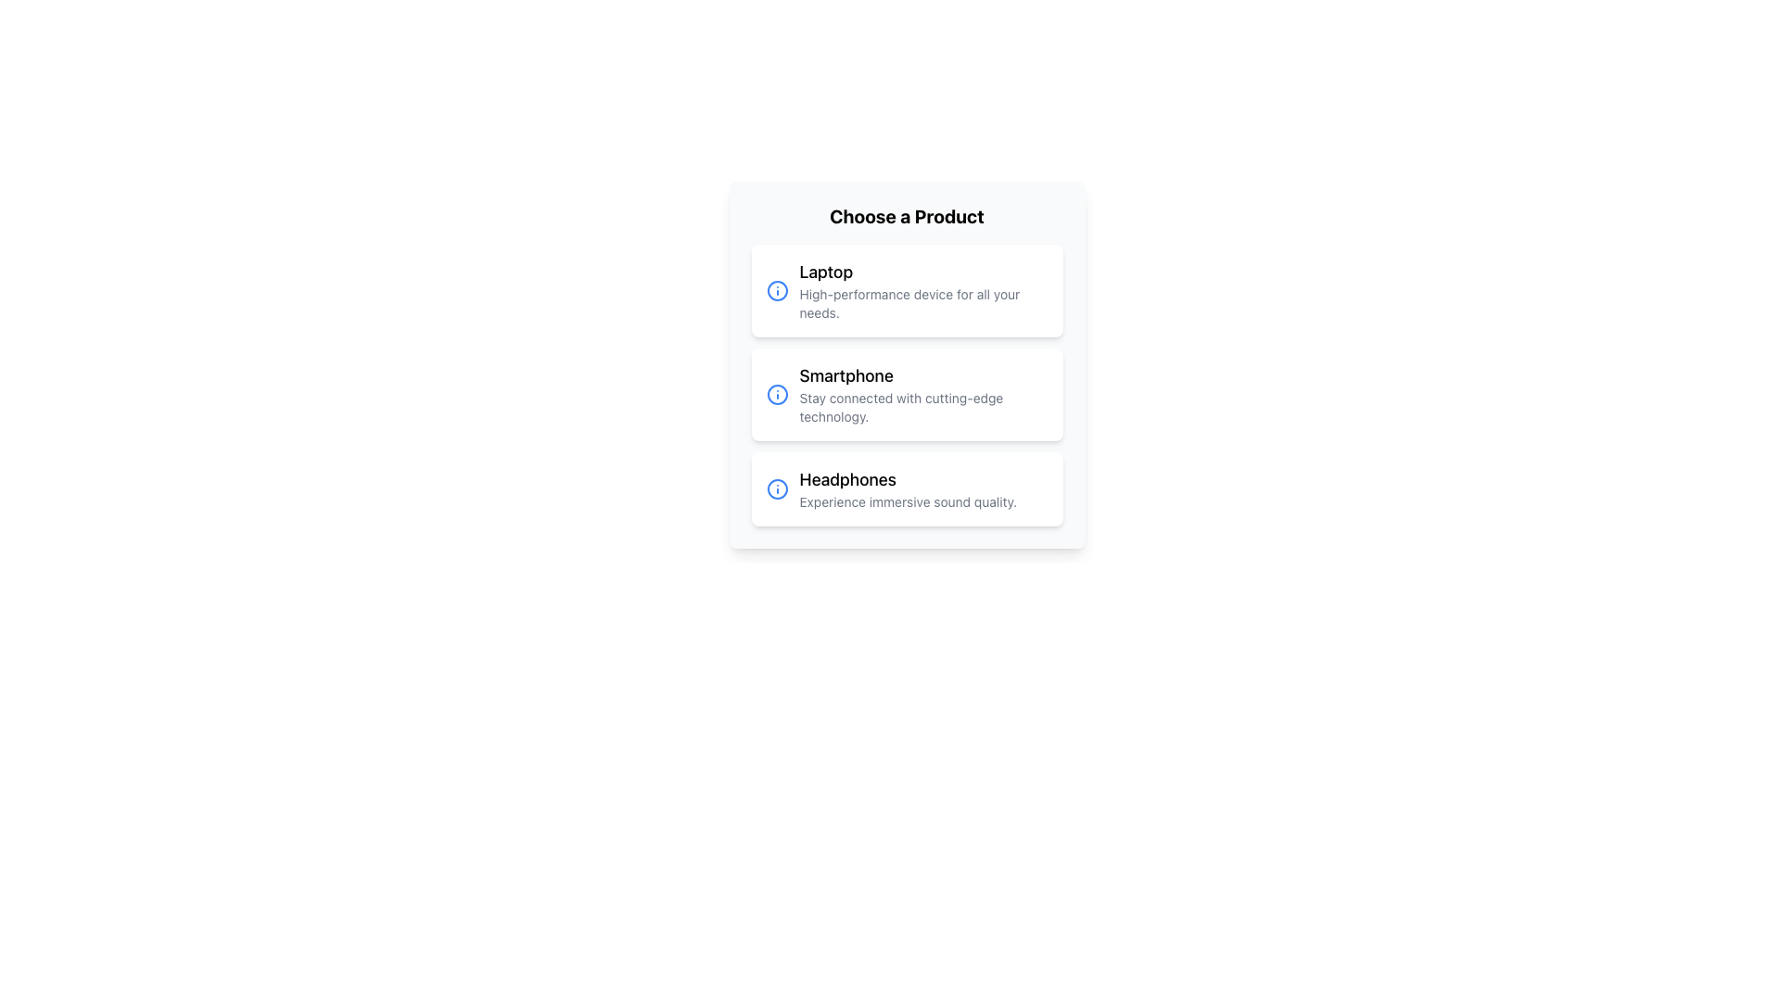 The height and width of the screenshot is (1001, 1780). What do you see at coordinates (907, 364) in the screenshot?
I see `the 'Smartphone' selectable card` at bounding box center [907, 364].